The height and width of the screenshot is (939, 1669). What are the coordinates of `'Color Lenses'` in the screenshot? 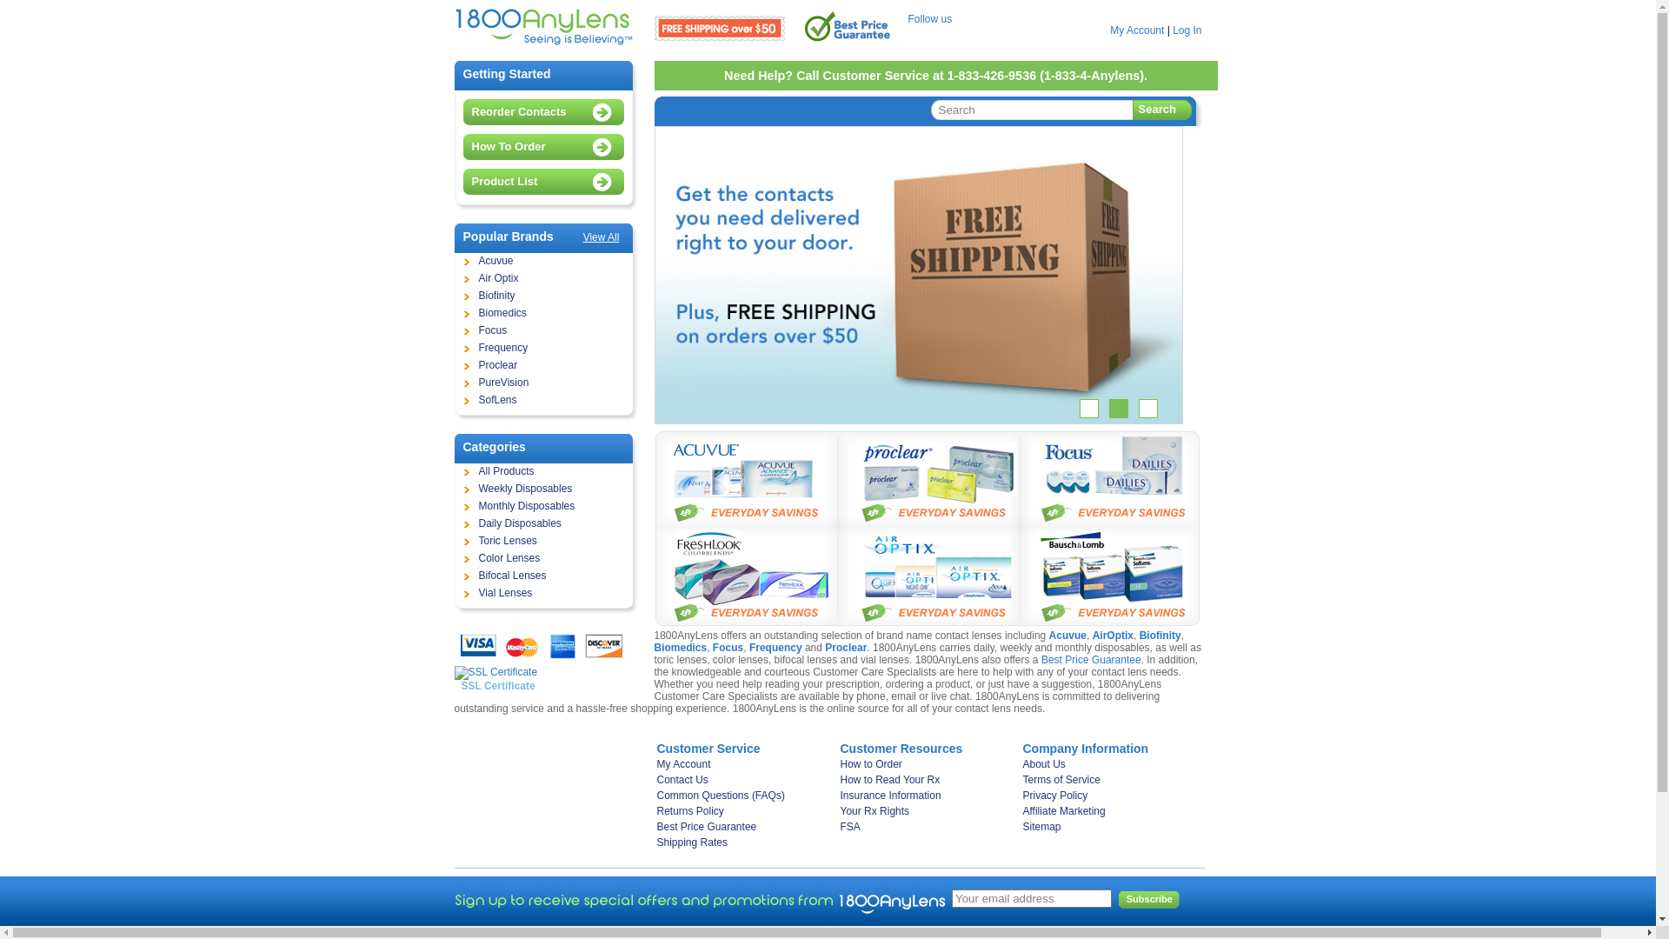 It's located at (542, 559).